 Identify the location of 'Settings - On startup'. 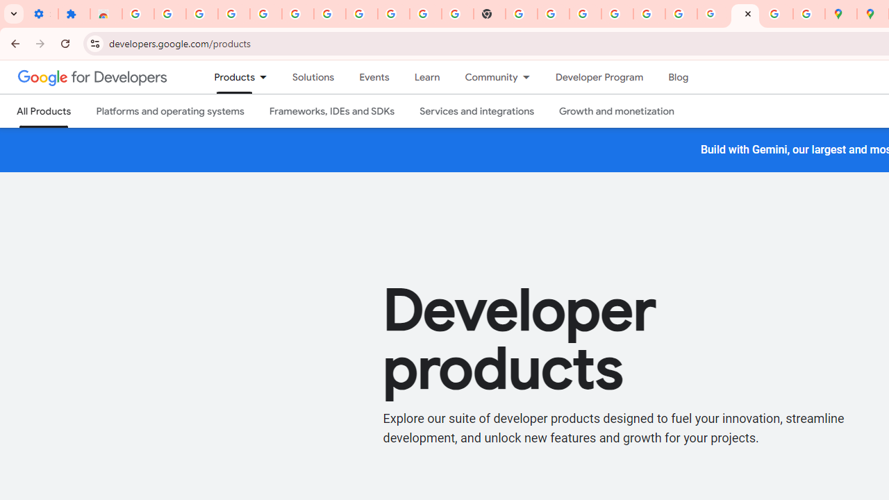
(42, 14).